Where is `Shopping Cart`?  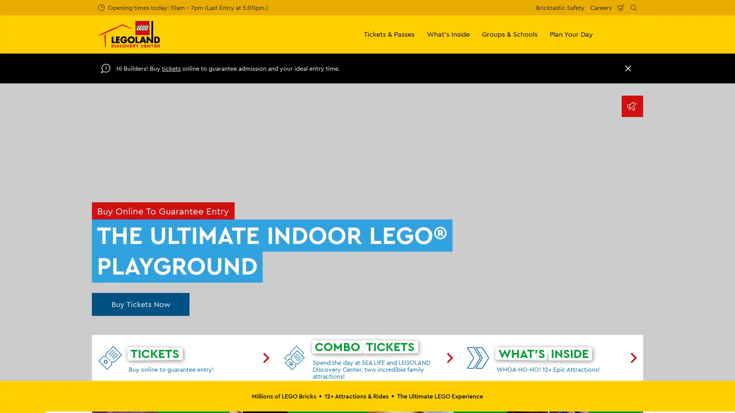
Shopping Cart is located at coordinates (621, 7).